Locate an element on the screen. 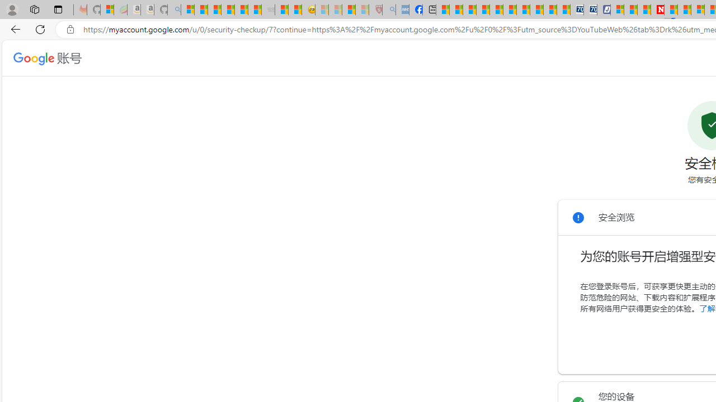  'New Report Confirms 2023 Was Record Hot | Watch' is located at coordinates (241, 9).